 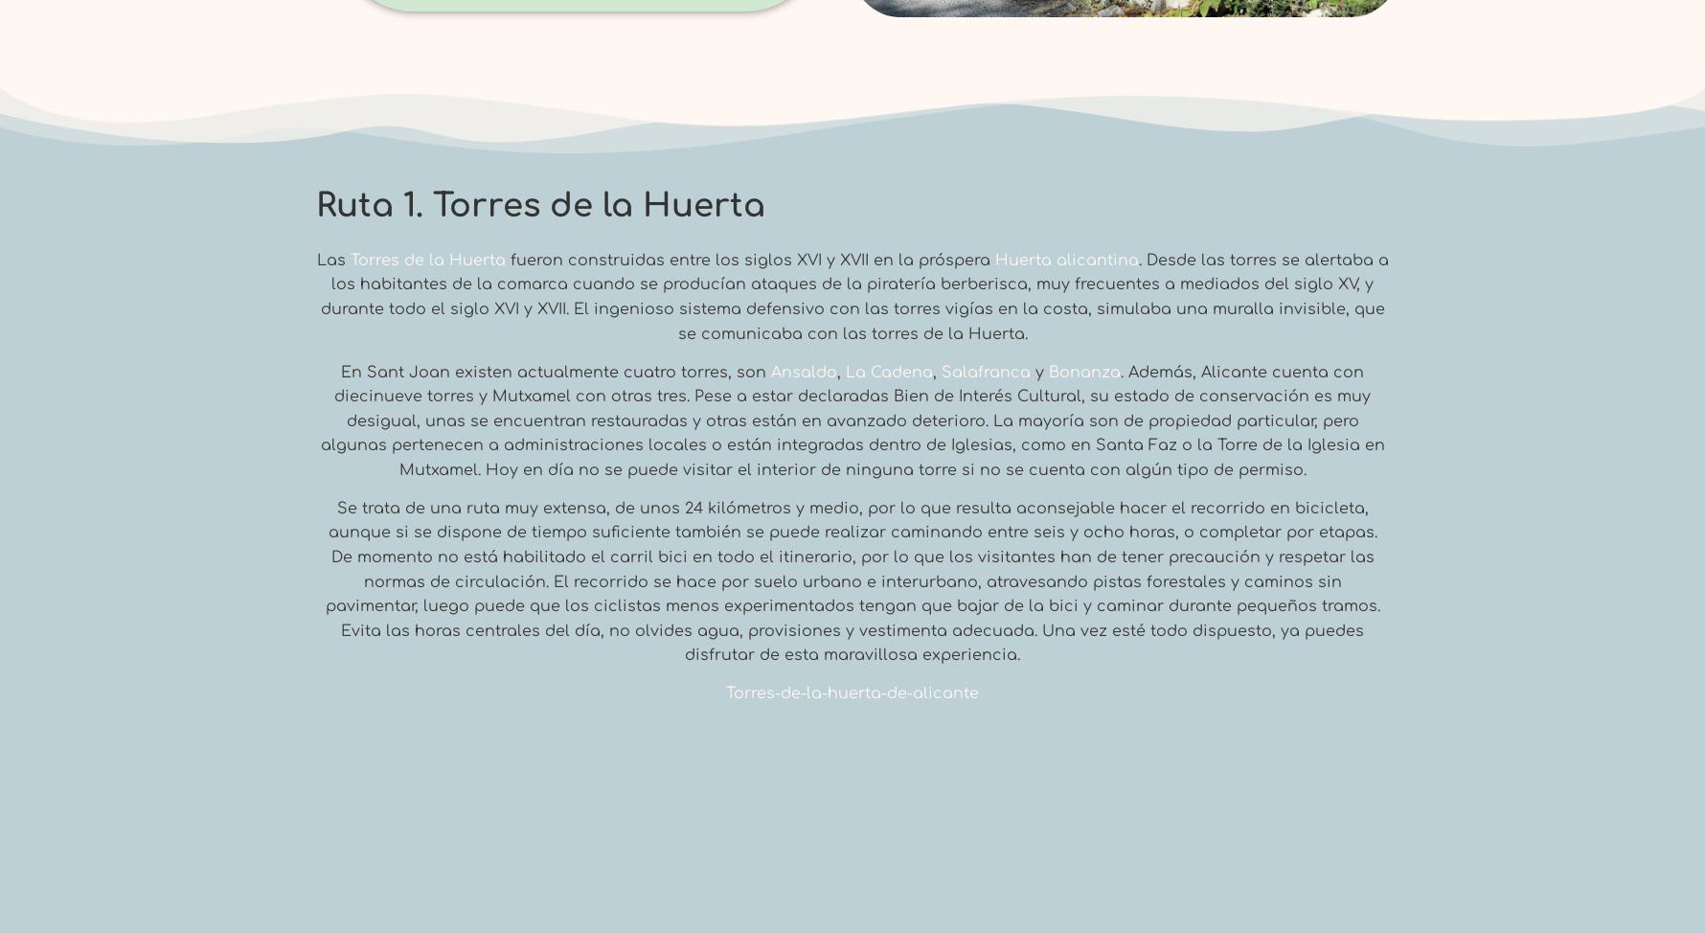 What do you see at coordinates (1065, 258) in the screenshot?
I see `'Huerta alicantina'` at bounding box center [1065, 258].